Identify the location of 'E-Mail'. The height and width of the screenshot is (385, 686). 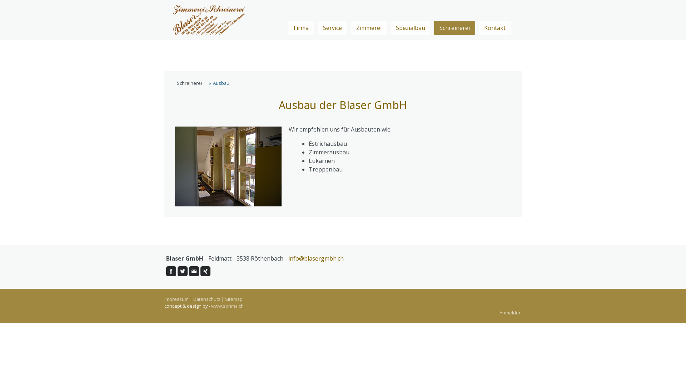
(189, 271).